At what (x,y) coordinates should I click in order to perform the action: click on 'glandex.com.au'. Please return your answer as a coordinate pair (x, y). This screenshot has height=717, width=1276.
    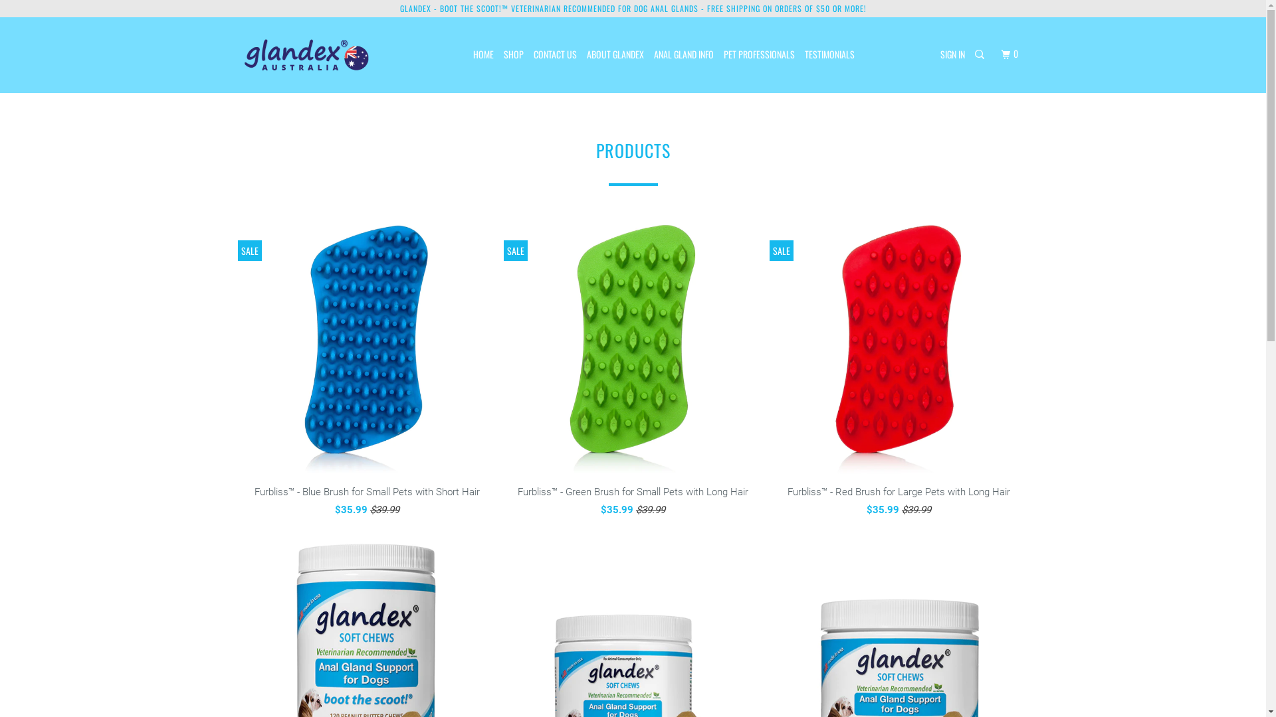
    Looking at the image, I should click on (308, 54).